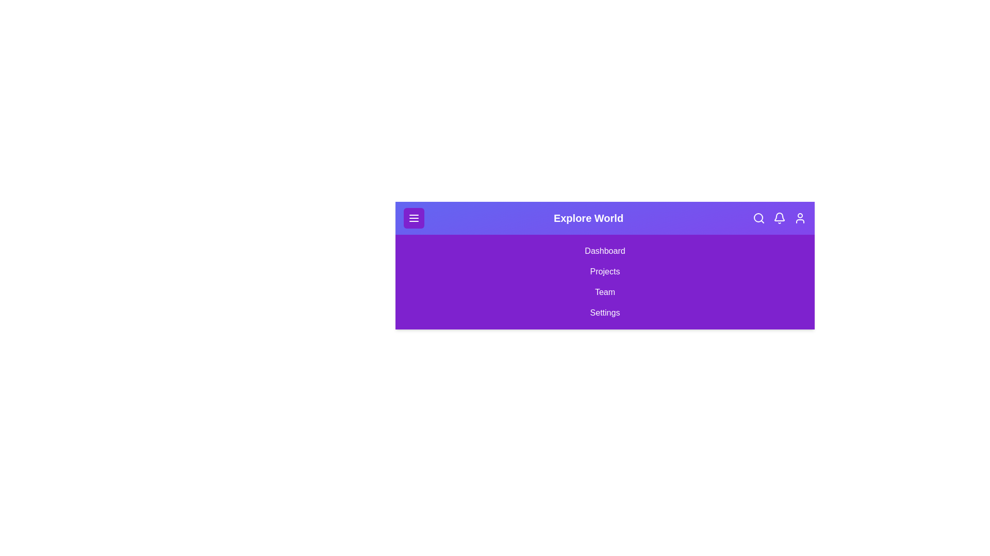 This screenshot has height=556, width=990. Describe the element at coordinates (605, 271) in the screenshot. I see `the 'Projects' text in the menu` at that location.